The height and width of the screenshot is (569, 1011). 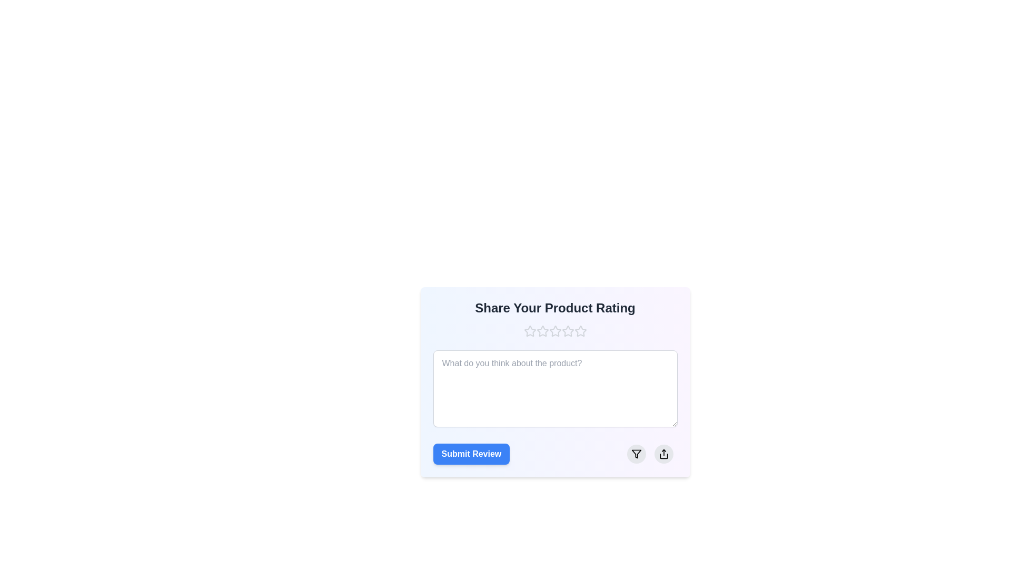 I want to click on on the Rating component with stars located below the title 'Share Your Product Rating', so click(x=554, y=330).